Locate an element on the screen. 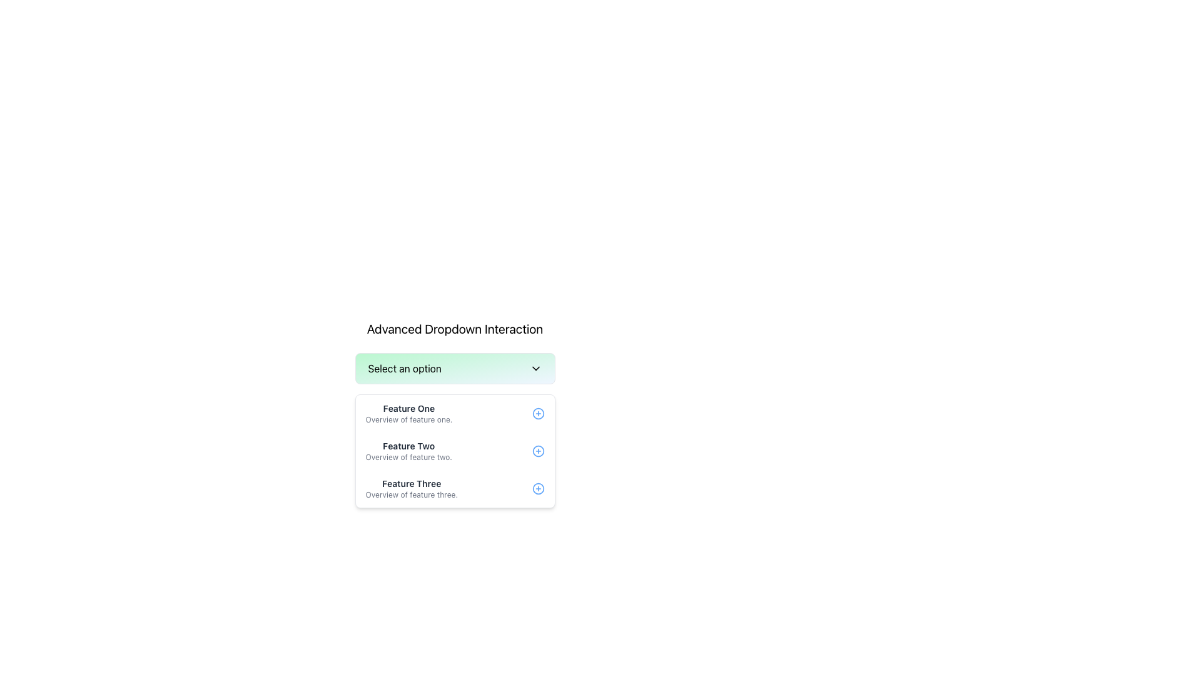  the text label that displays 'Feature Two', which is the second item in a vertically stacked list of options within a dropdown menu is located at coordinates (408, 446).